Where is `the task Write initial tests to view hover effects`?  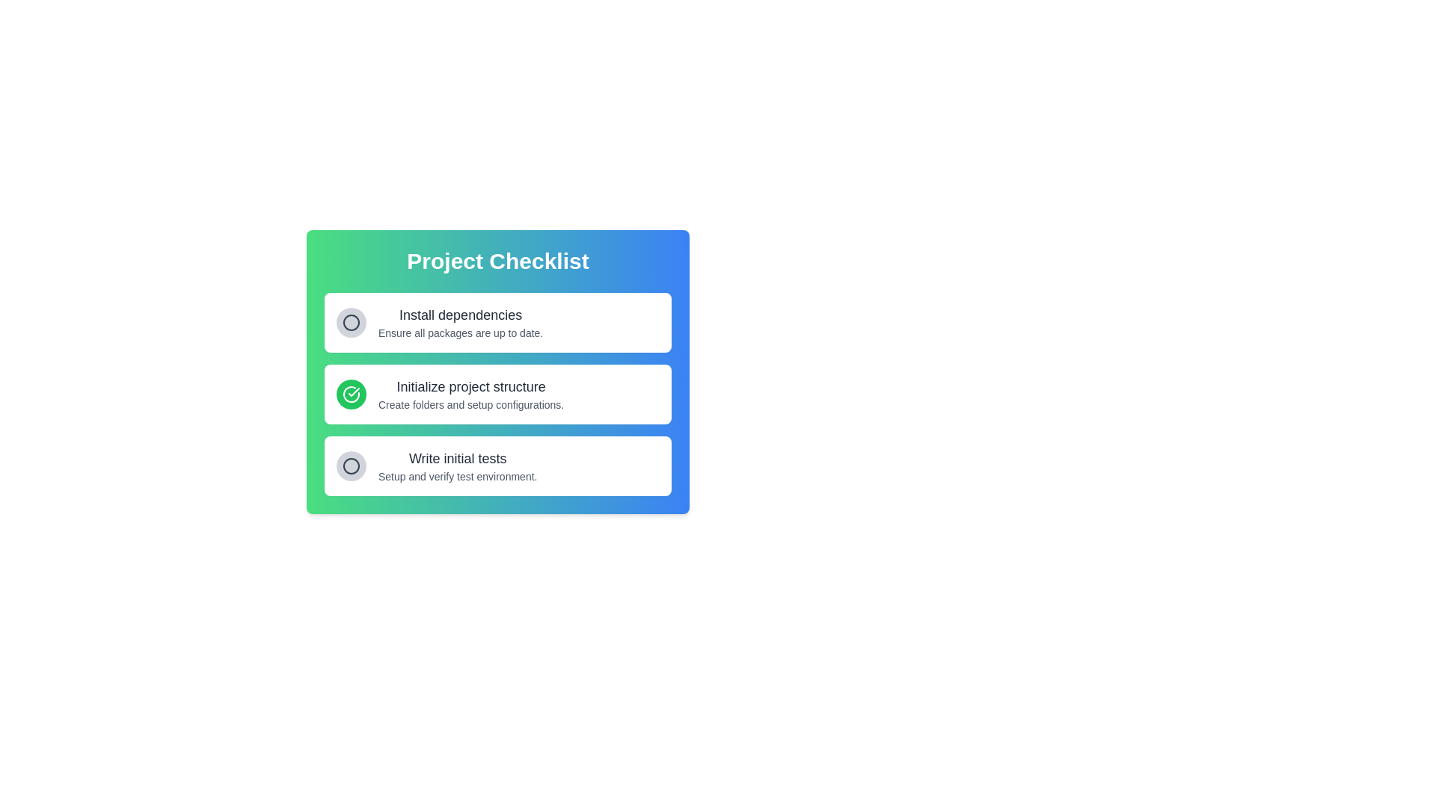
the task Write initial tests to view hover effects is located at coordinates (456, 466).